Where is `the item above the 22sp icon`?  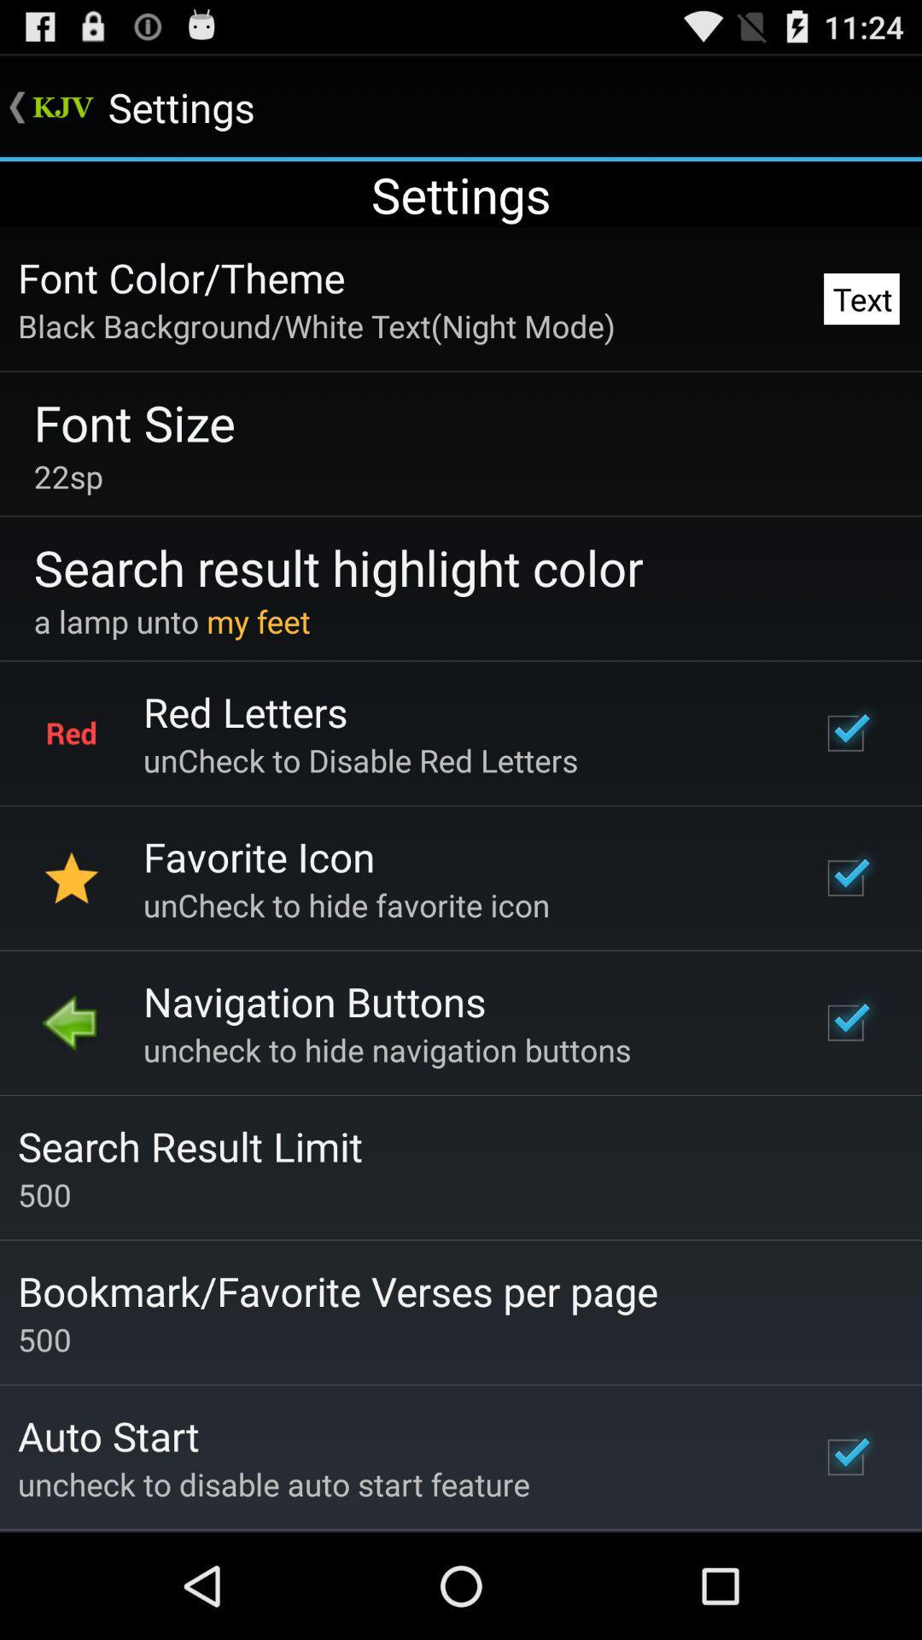
the item above the 22sp icon is located at coordinates (133, 422).